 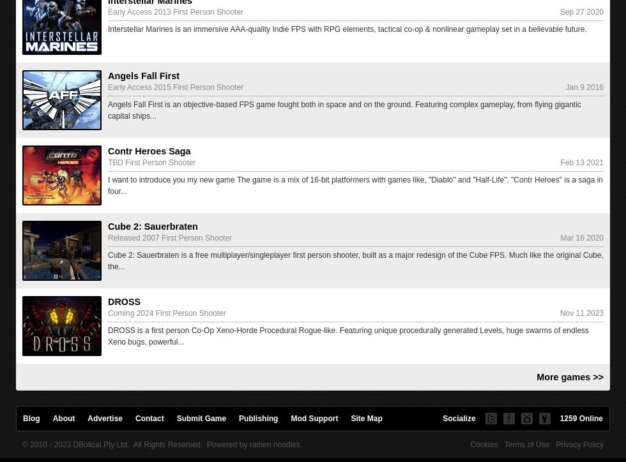 I want to click on 'Nov 11 2023', so click(x=581, y=313).